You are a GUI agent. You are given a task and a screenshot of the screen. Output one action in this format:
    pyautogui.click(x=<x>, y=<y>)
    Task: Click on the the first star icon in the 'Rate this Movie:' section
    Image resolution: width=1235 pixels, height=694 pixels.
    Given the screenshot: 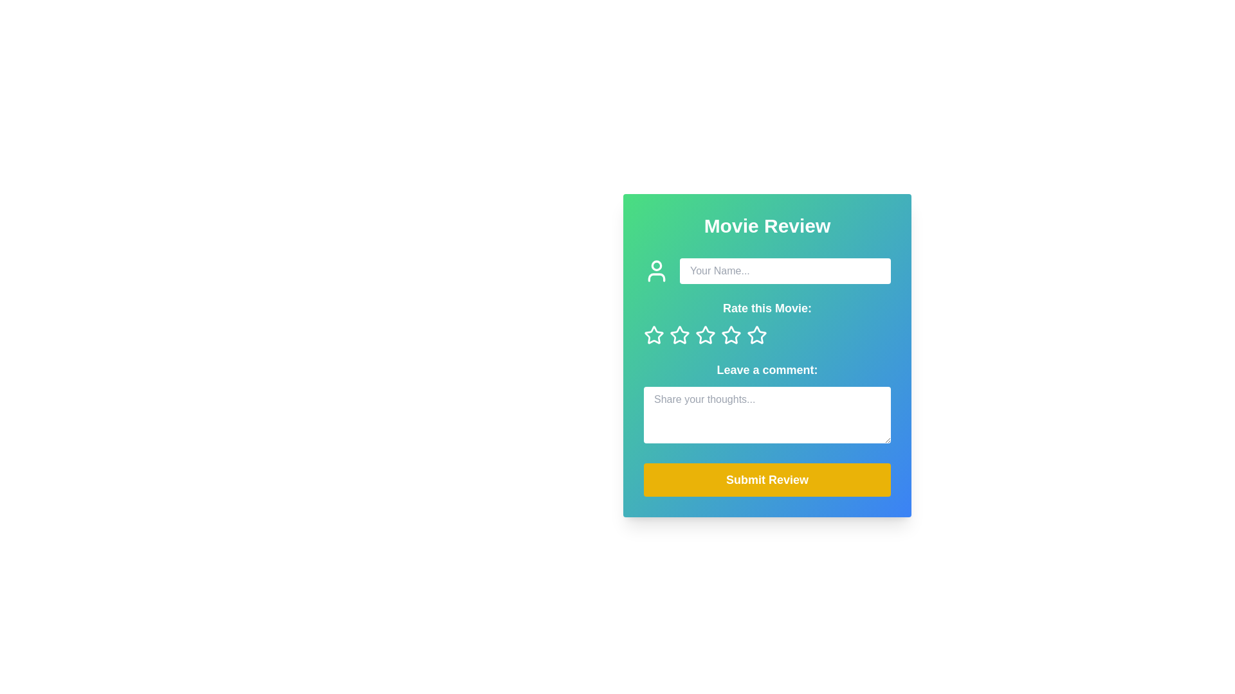 What is the action you would take?
    pyautogui.click(x=654, y=334)
    